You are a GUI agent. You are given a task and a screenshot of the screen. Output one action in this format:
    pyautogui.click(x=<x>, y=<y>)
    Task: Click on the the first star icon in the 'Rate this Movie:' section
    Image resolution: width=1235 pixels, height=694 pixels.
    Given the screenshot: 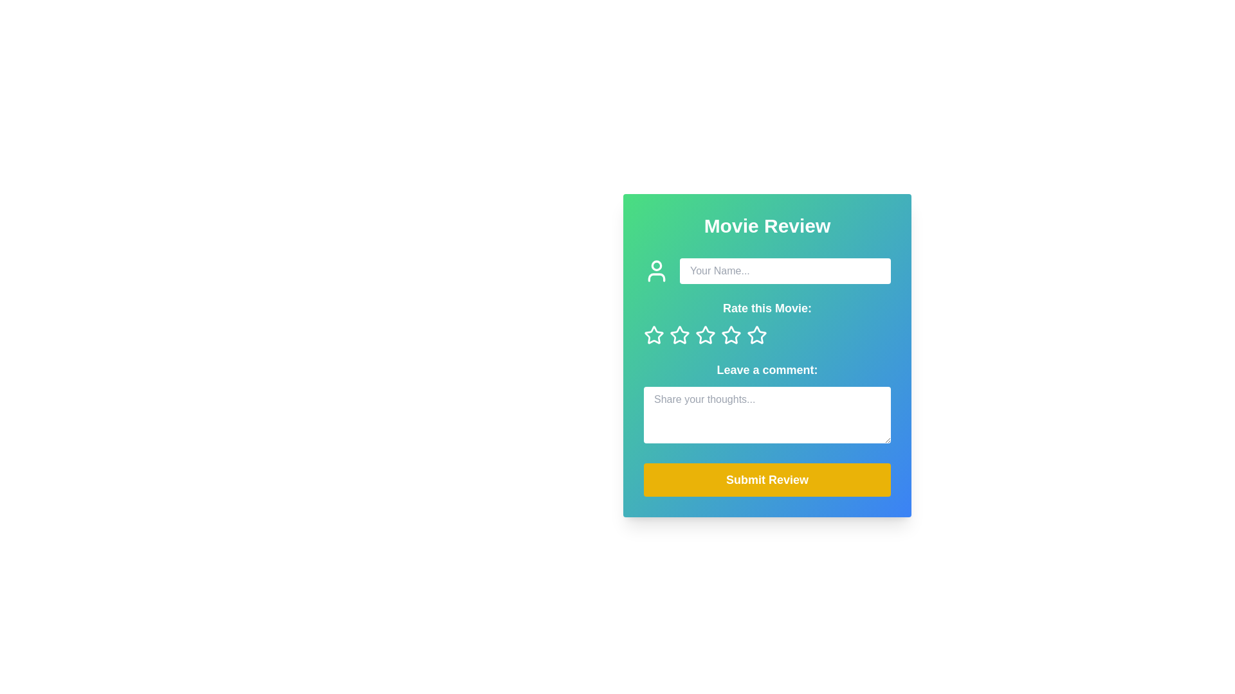 What is the action you would take?
    pyautogui.click(x=654, y=334)
    